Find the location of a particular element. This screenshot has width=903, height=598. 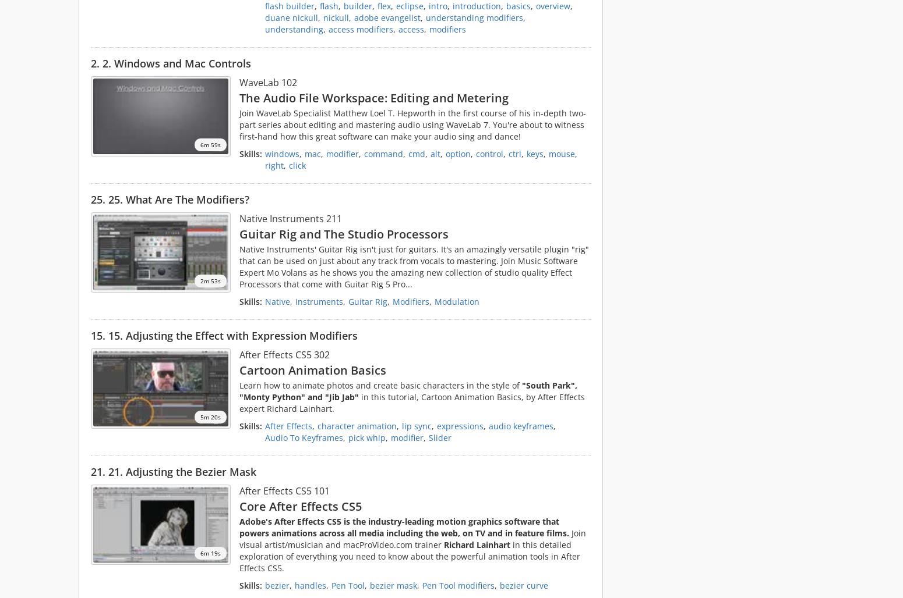

'bezier mask' is located at coordinates (393, 584).